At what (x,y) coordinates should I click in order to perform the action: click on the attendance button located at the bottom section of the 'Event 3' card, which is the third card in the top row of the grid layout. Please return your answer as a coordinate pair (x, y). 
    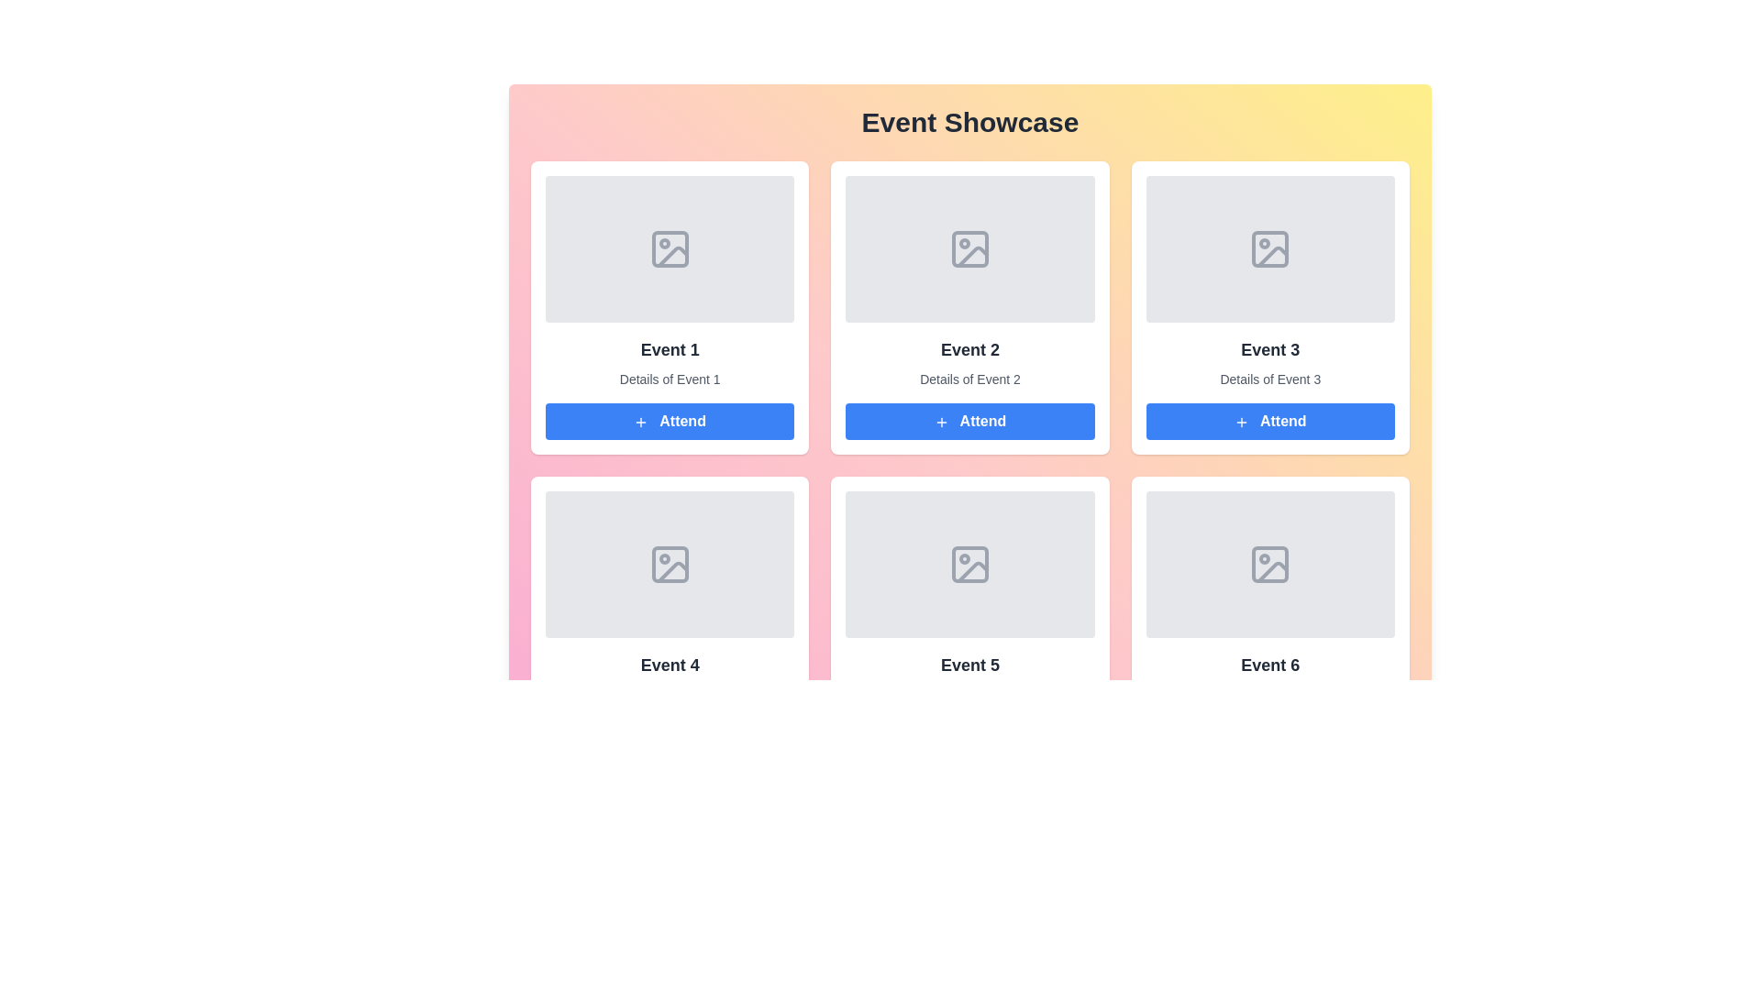
    Looking at the image, I should click on (1269, 421).